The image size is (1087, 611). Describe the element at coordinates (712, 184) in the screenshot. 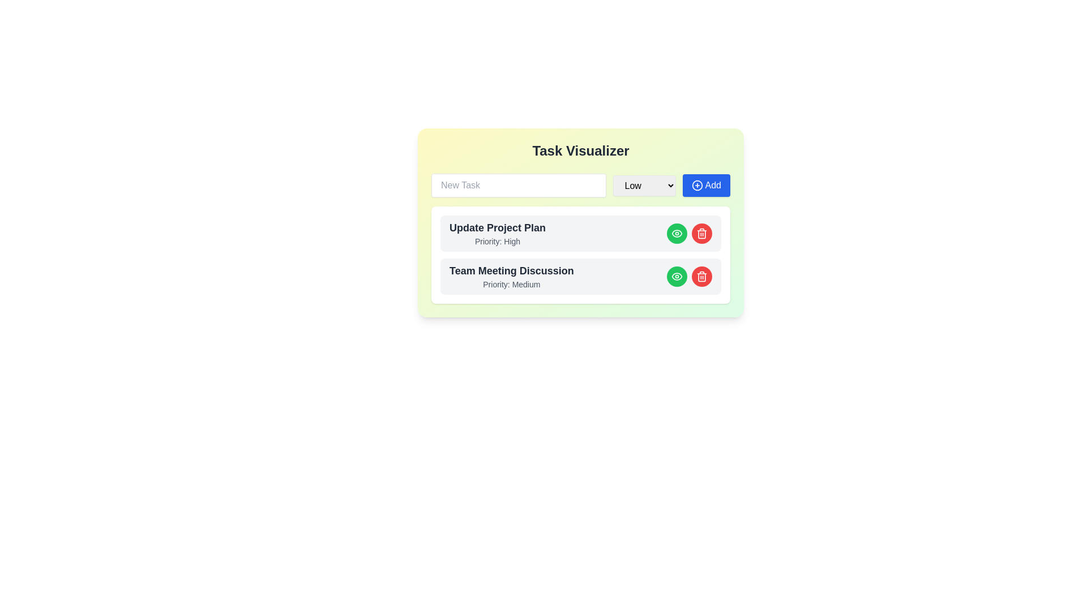

I see `the blue button labeled 'Add' located on the right-hand side of the task input area` at that location.